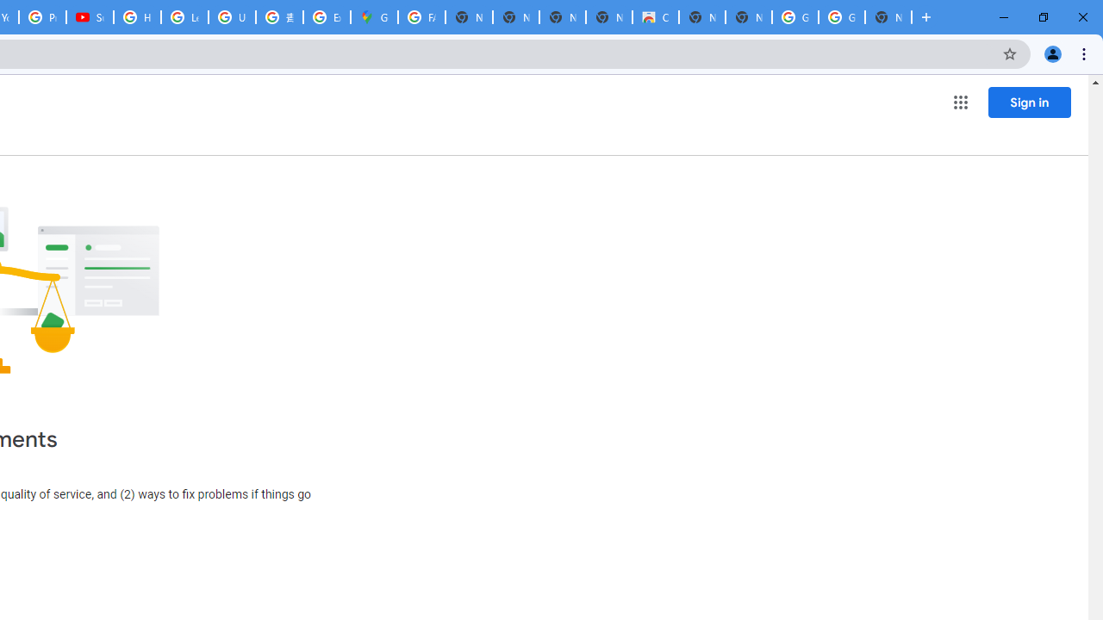  Describe the element at coordinates (959, 102) in the screenshot. I see `'Google apps'` at that location.